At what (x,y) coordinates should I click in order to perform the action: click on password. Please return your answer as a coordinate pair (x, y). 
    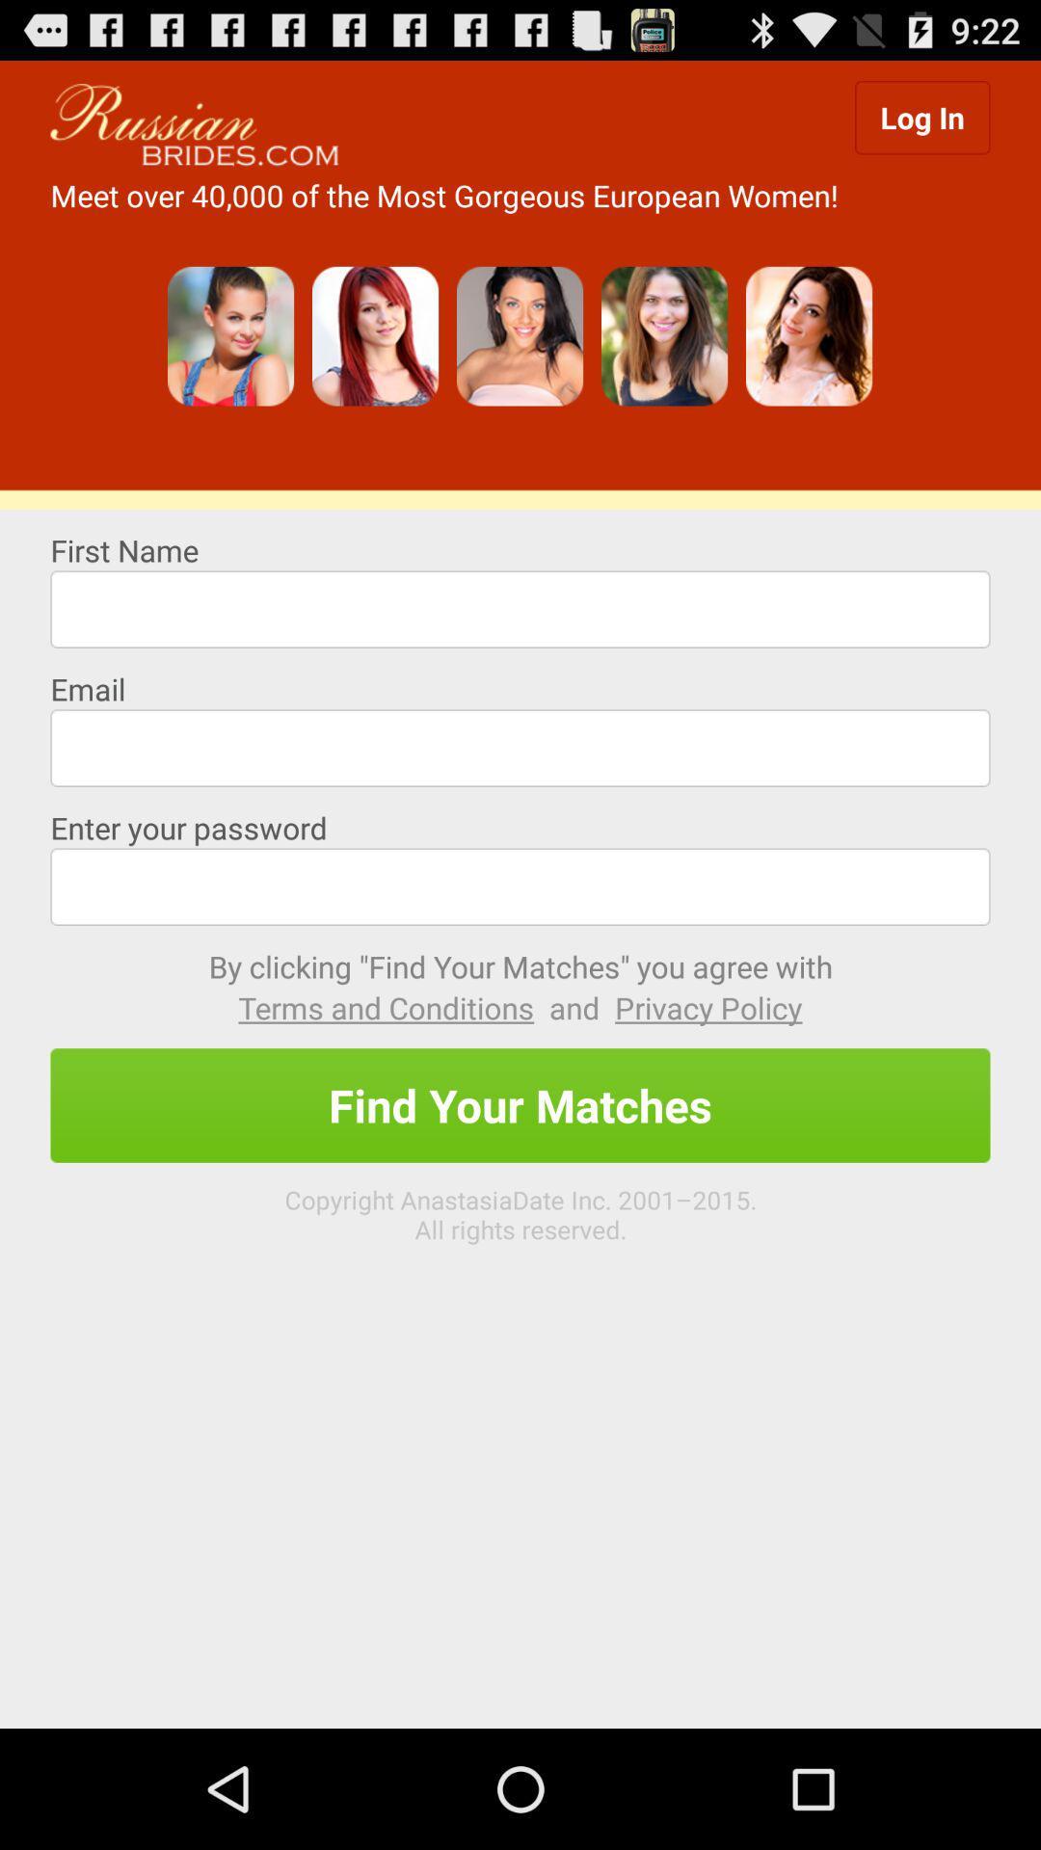
    Looking at the image, I should click on (520, 885).